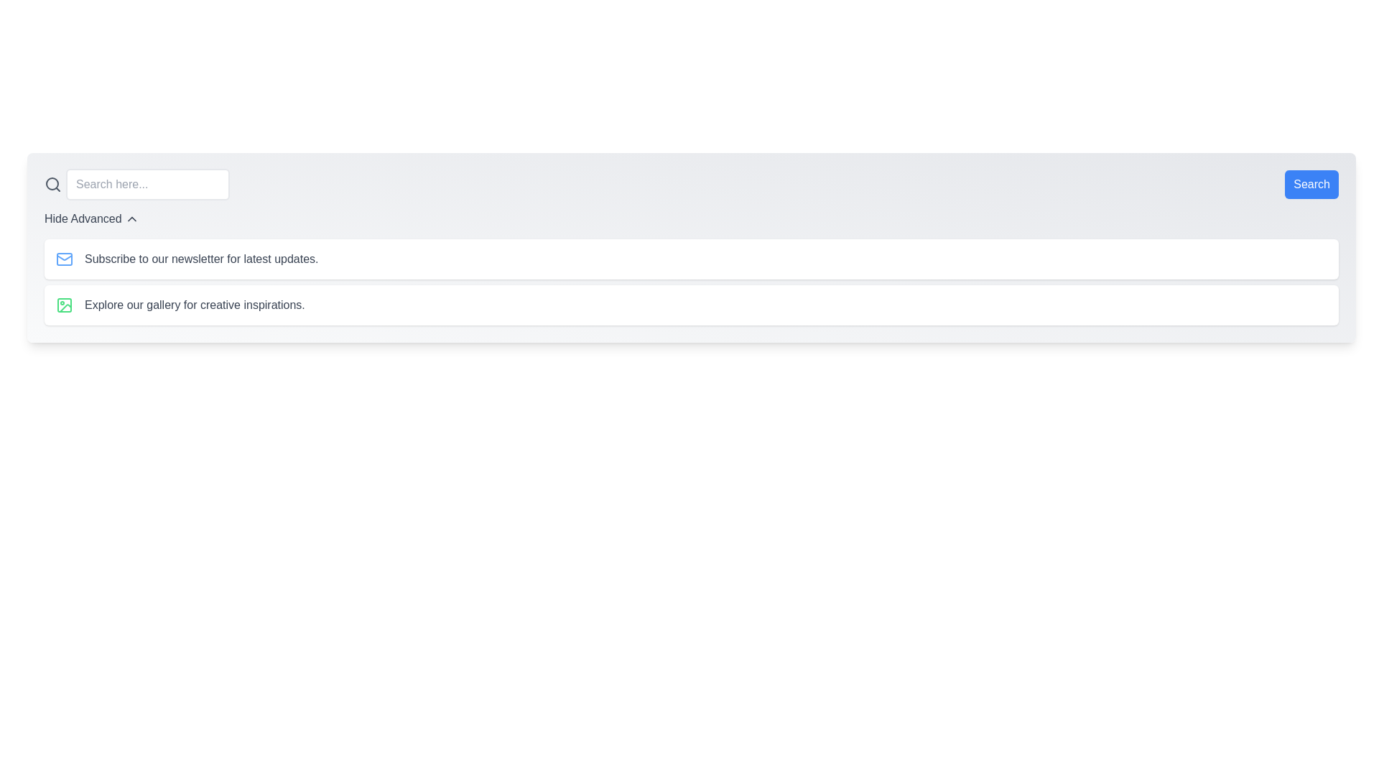 The height and width of the screenshot is (776, 1379). What do you see at coordinates (64, 259) in the screenshot?
I see `the mail icon, which is an outline style icon with blue strokes, located to the left of the text 'Subscribe to our newsletter for latest updates.'` at bounding box center [64, 259].